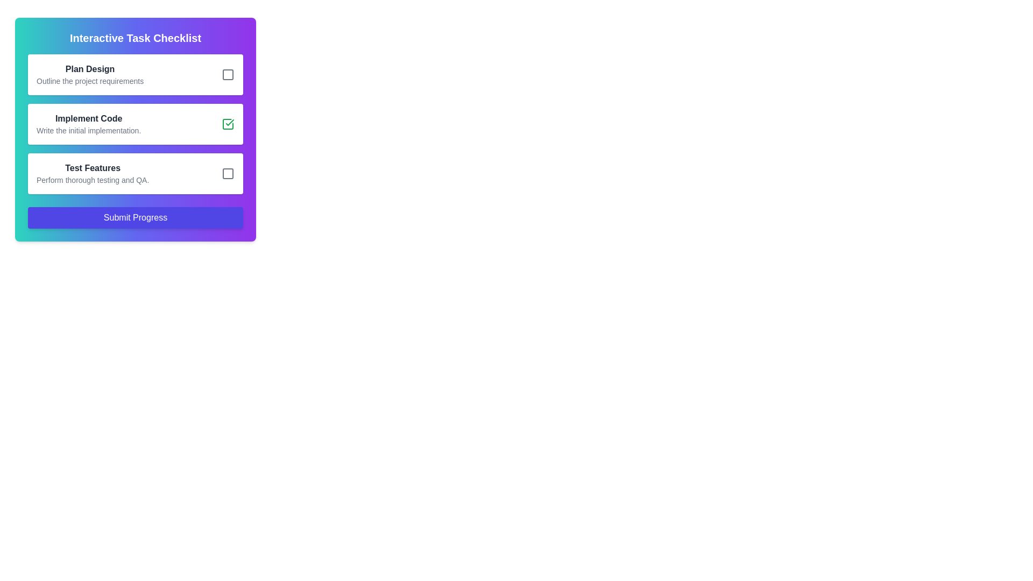 The width and height of the screenshot is (1033, 581). I want to click on the static text element that provides supplementary information regarding the task titled 'Plan Design', which is located beneath the title and above a checkbox, so click(90, 80).